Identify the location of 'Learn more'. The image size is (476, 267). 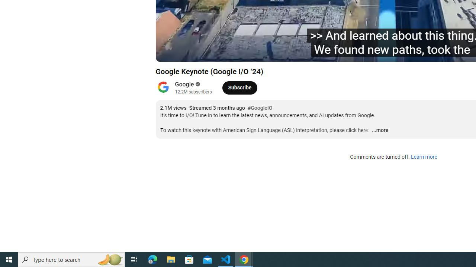
(424, 157).